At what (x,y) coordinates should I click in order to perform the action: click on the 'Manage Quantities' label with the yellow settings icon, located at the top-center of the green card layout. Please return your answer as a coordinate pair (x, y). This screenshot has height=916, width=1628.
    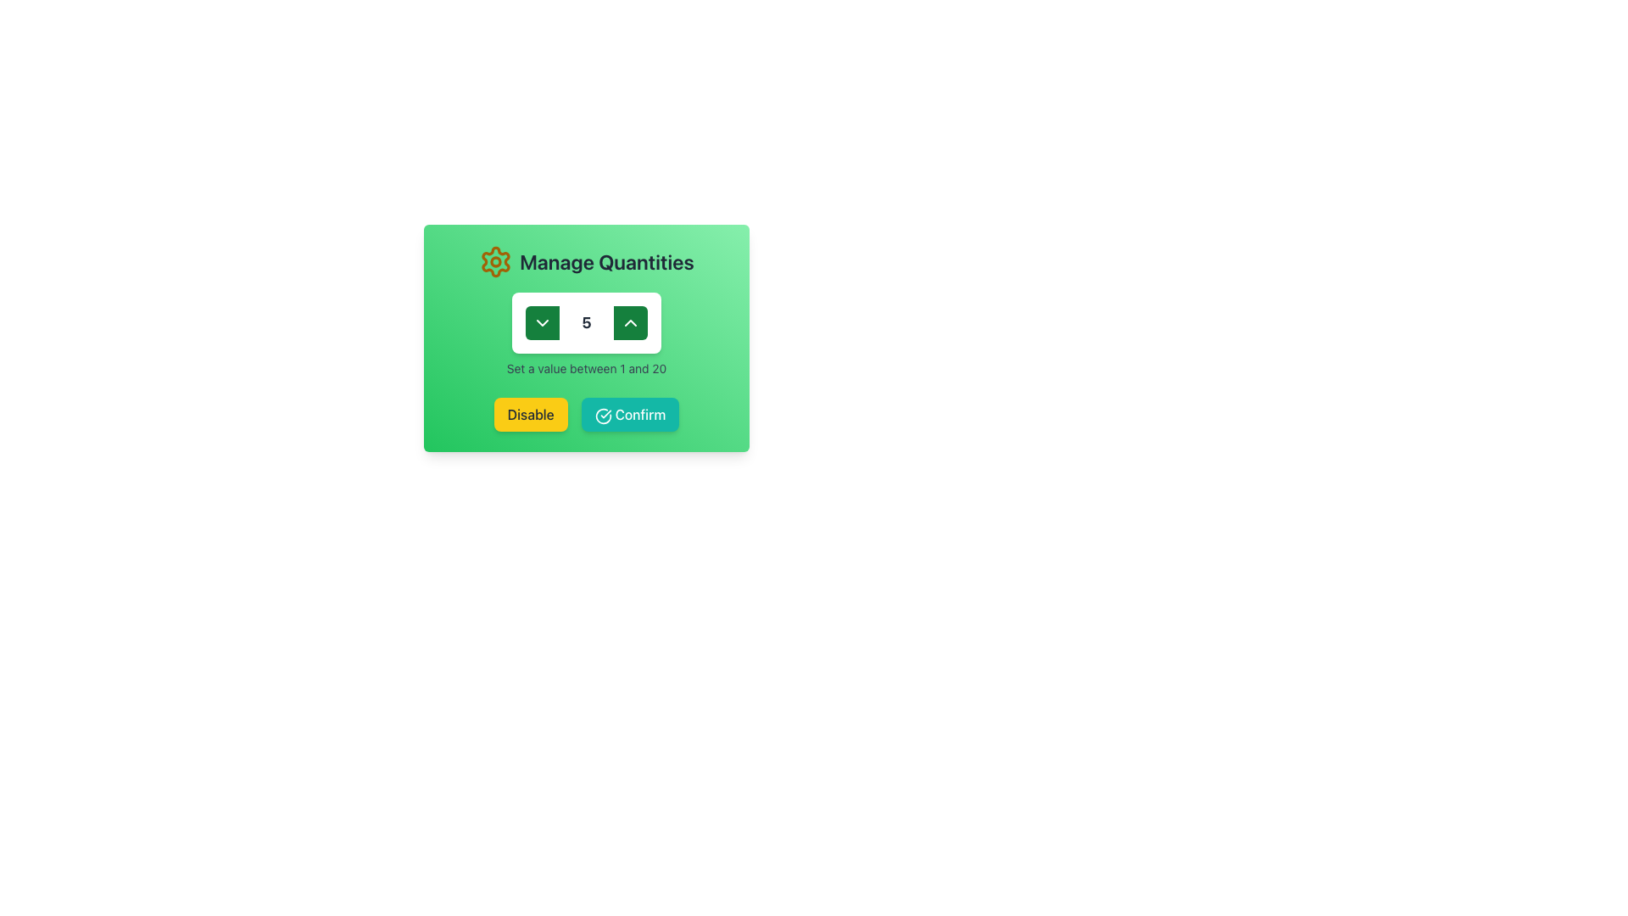
    Looking at the image, I should click on (586, 261).